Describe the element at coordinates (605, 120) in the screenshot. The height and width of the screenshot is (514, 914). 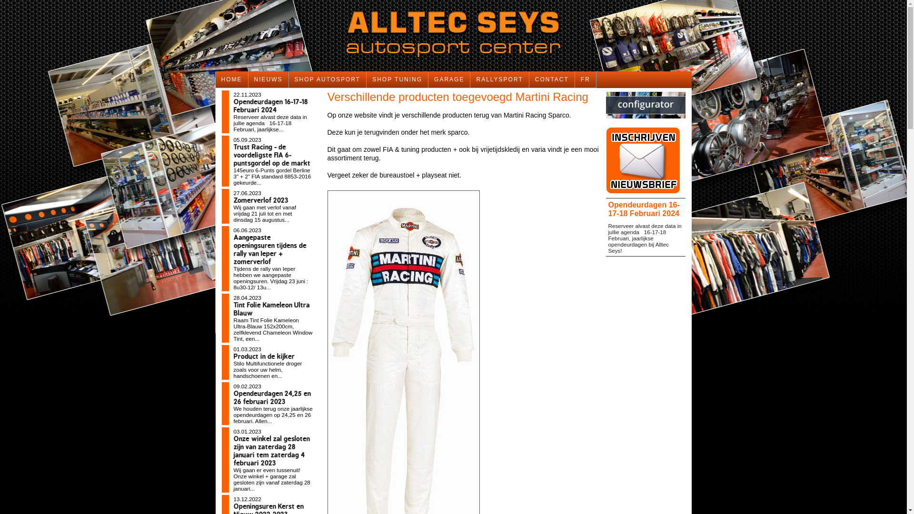
I see `'configurator'` at that location.